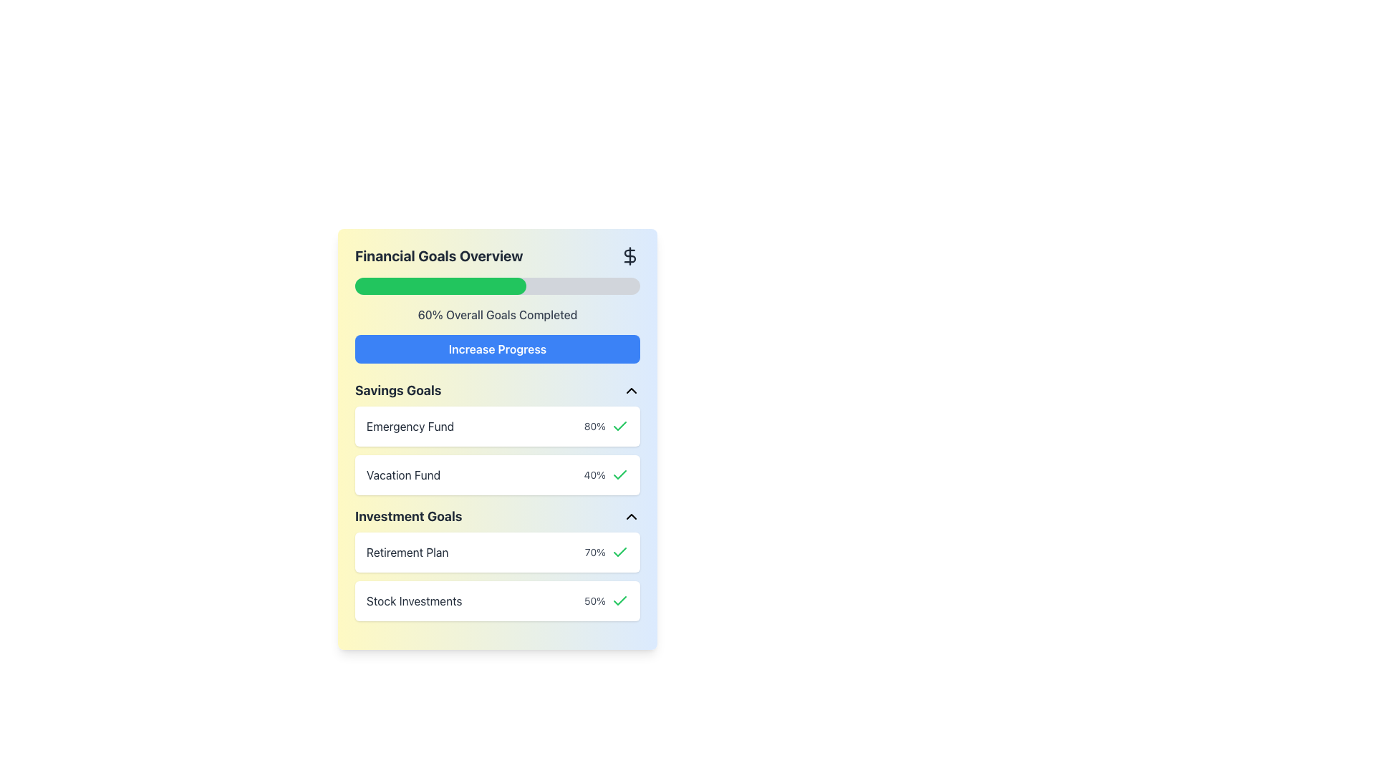 This screenshot has width=1375, height=773. Describe the element at coordinates (629, 256) in the screenshot. I see `the dollar sign icon located to the far right of the 'Financial Goals Overview' heading` at that location.